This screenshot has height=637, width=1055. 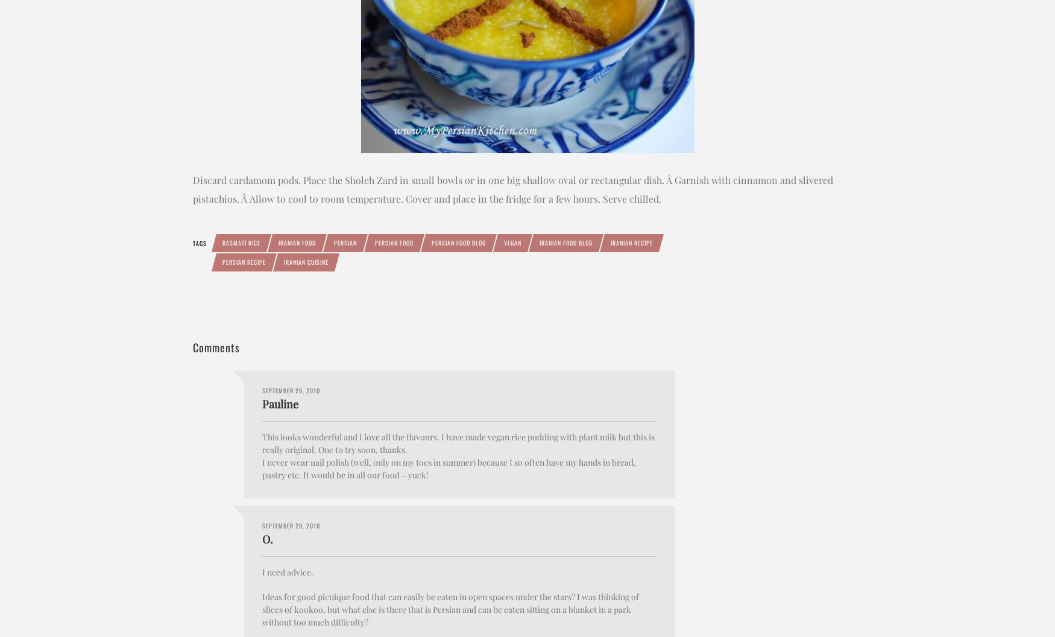 I want to click on 'Vegan', so click(x=512, y=242).